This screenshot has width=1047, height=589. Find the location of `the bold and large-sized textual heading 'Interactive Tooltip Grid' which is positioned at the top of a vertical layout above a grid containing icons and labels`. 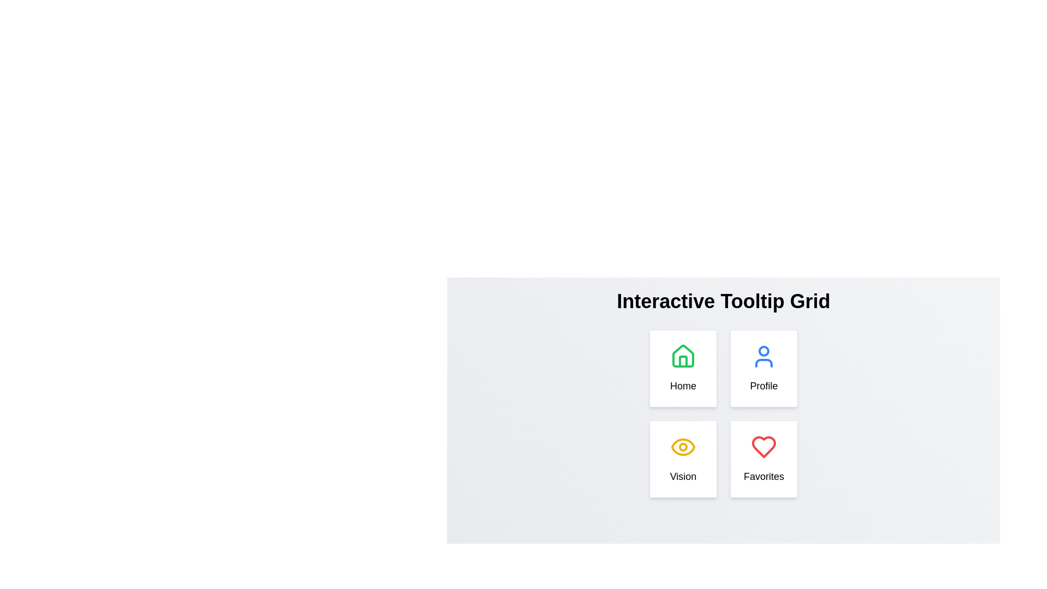

the bold and large-sized textual heading 'Interactive Tooltip Grid' which is positioned at the top of a vertical layout above a grid containing icons and labels is located at coordinates (723, 301).